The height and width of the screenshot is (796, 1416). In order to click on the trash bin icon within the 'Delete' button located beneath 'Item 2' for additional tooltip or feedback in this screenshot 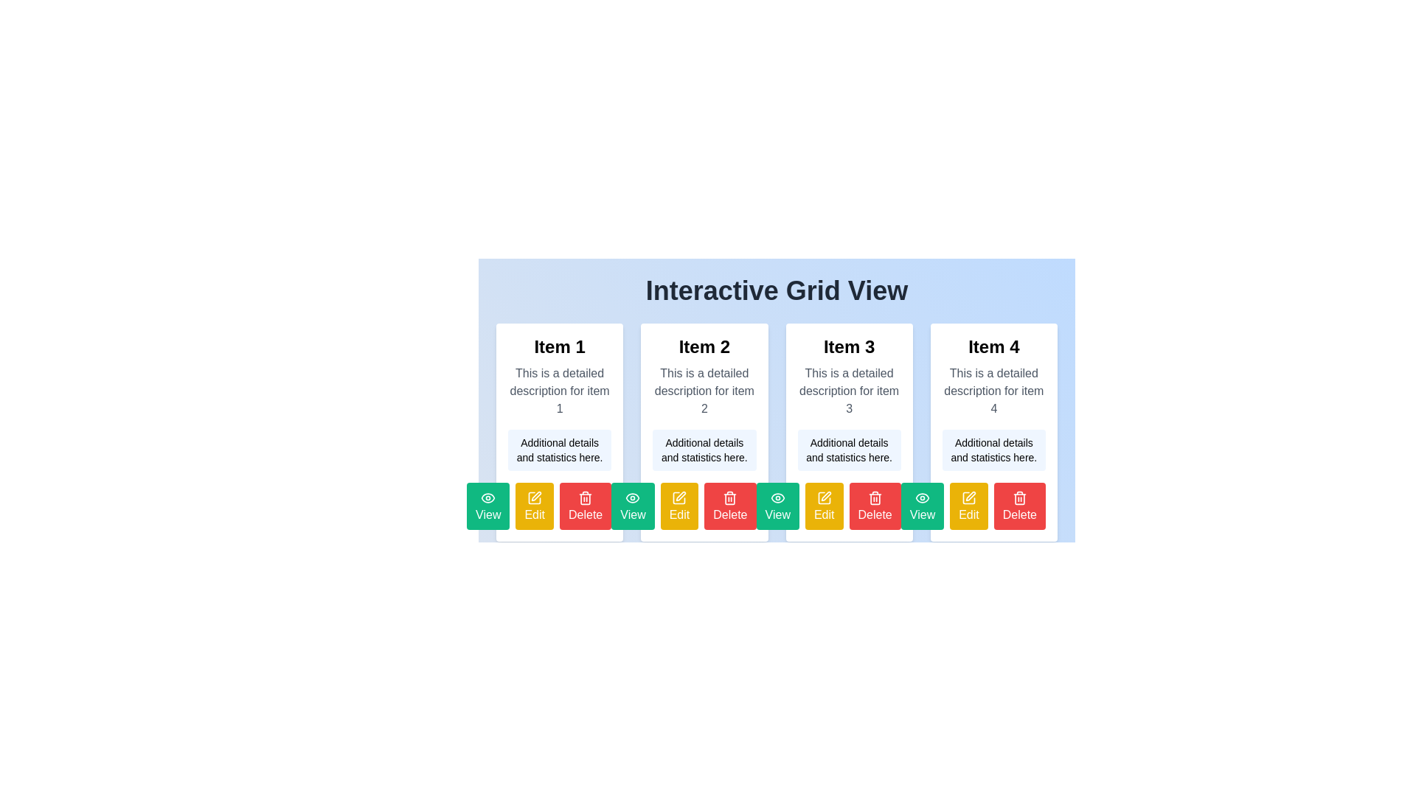, I will do `click(585, 497)`.